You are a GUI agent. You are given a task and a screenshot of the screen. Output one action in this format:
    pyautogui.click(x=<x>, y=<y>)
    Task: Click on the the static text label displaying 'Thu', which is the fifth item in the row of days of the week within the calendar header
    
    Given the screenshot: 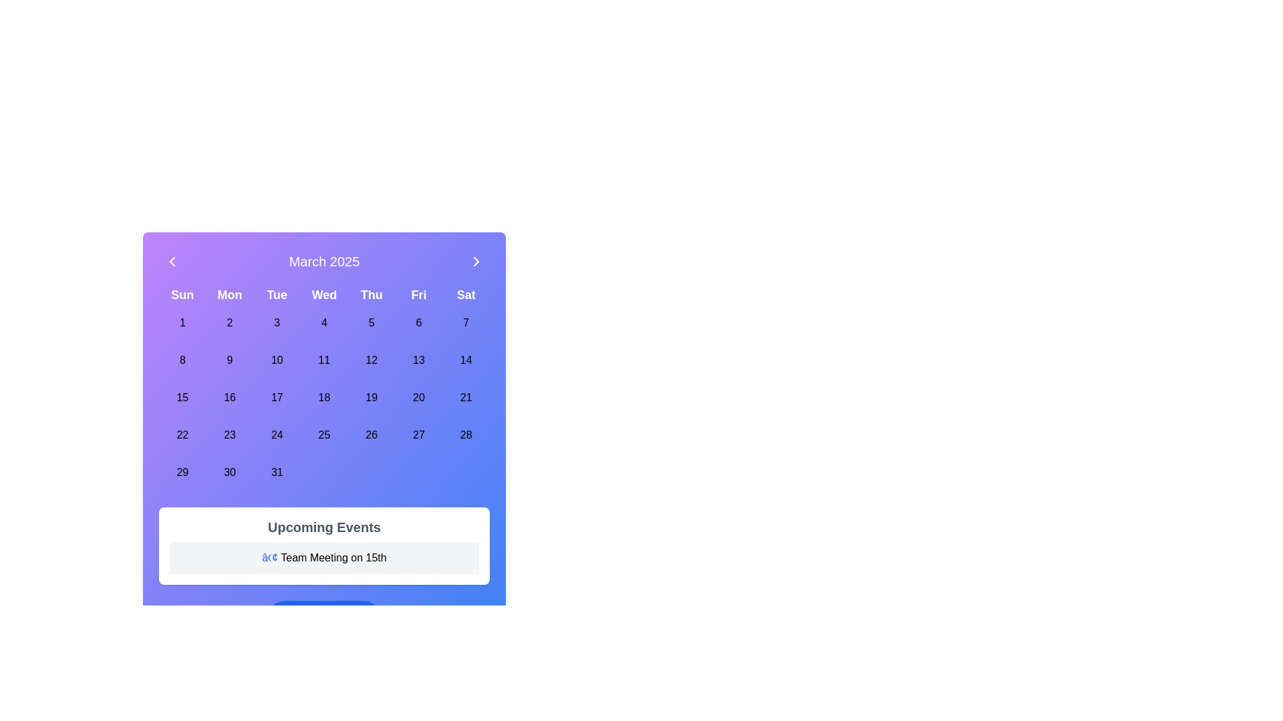 What is the action you would take?
    pyautogui.click(x=372, y=294)
    